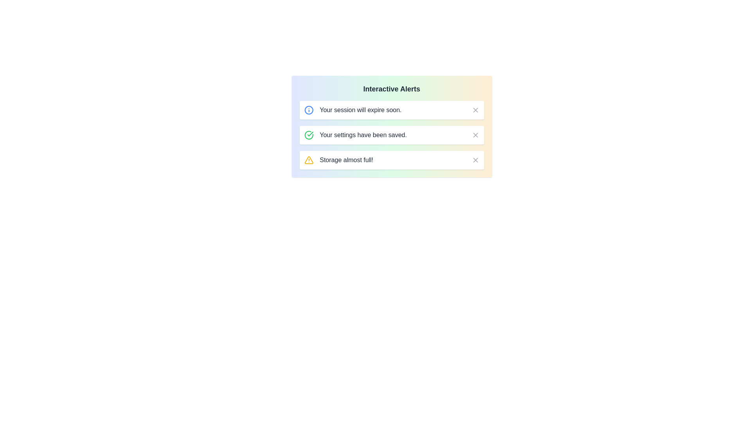  I want to click on the circular icon with a green outline and checkmark inside, which is the second icon from the top in the list of alert items in the notification panel, located near the text 'Your settings have been saved.', so click(308, 135).